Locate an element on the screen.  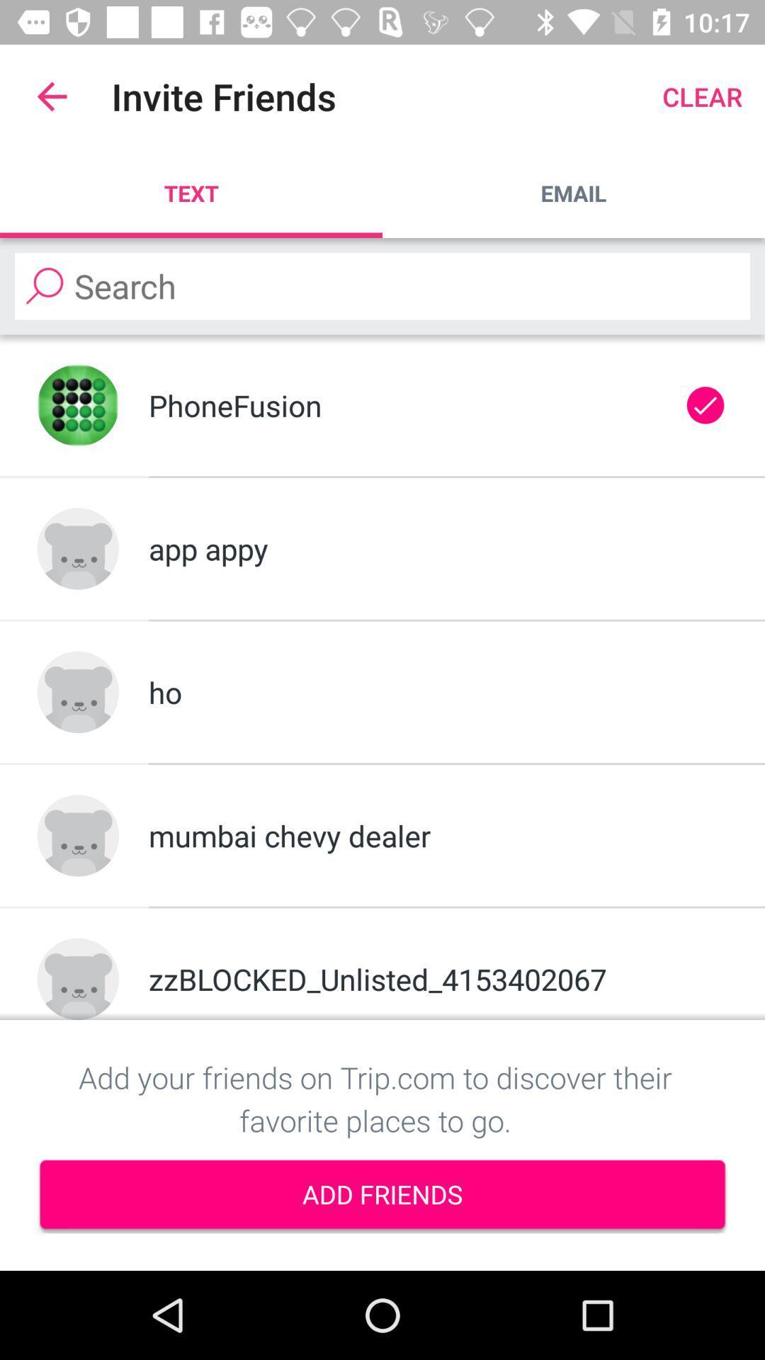
the item to the right of the text item is located at coordinates (574, 193).